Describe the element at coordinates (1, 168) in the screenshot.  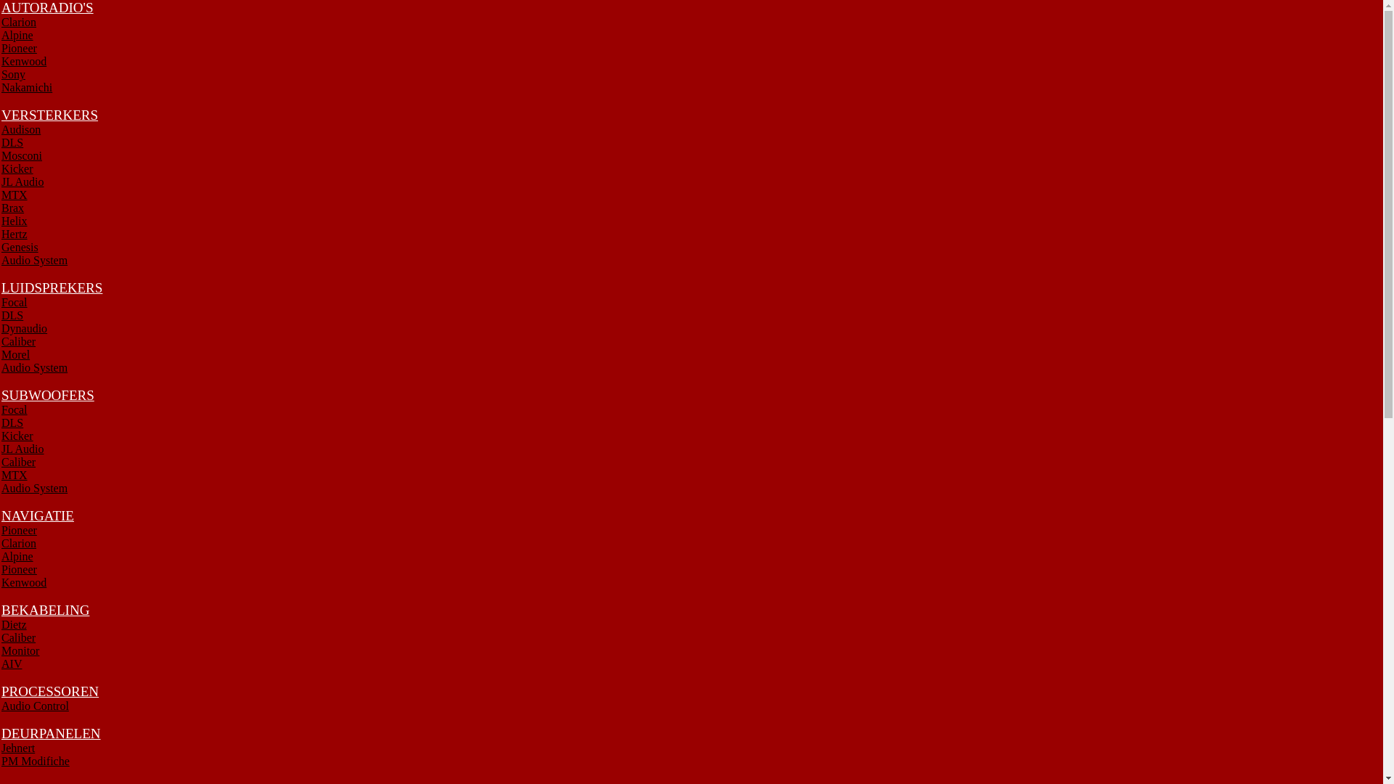
I see `'Kicker'` at that location.